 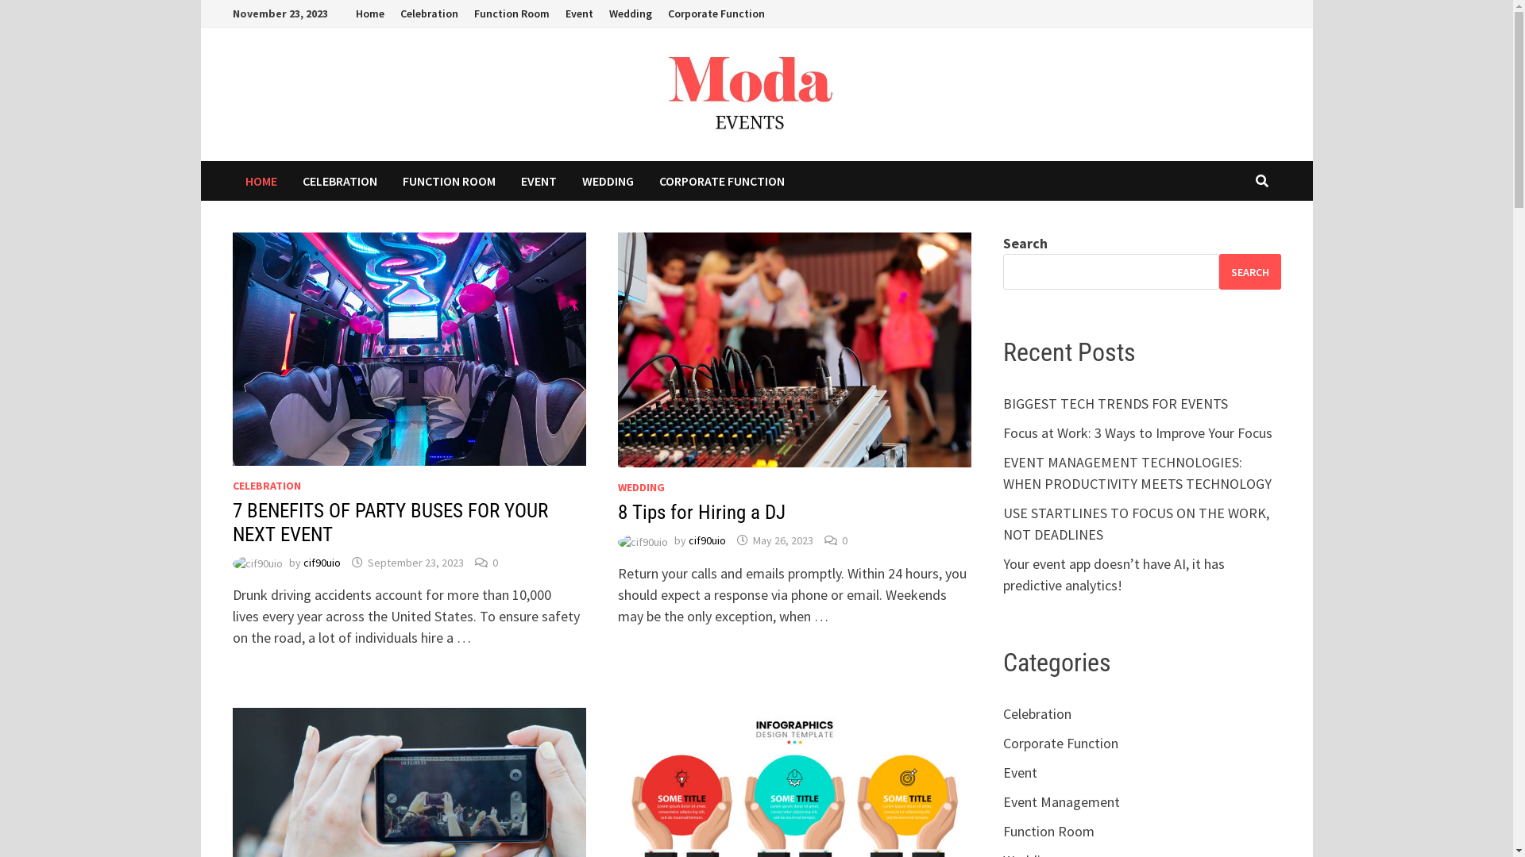 What do you see at coordinates (1114, 402) in the screenshot?
I see `'BIGGEST TECH TRENDS FOR EVENTS'` at bounding box center [1114, 402].